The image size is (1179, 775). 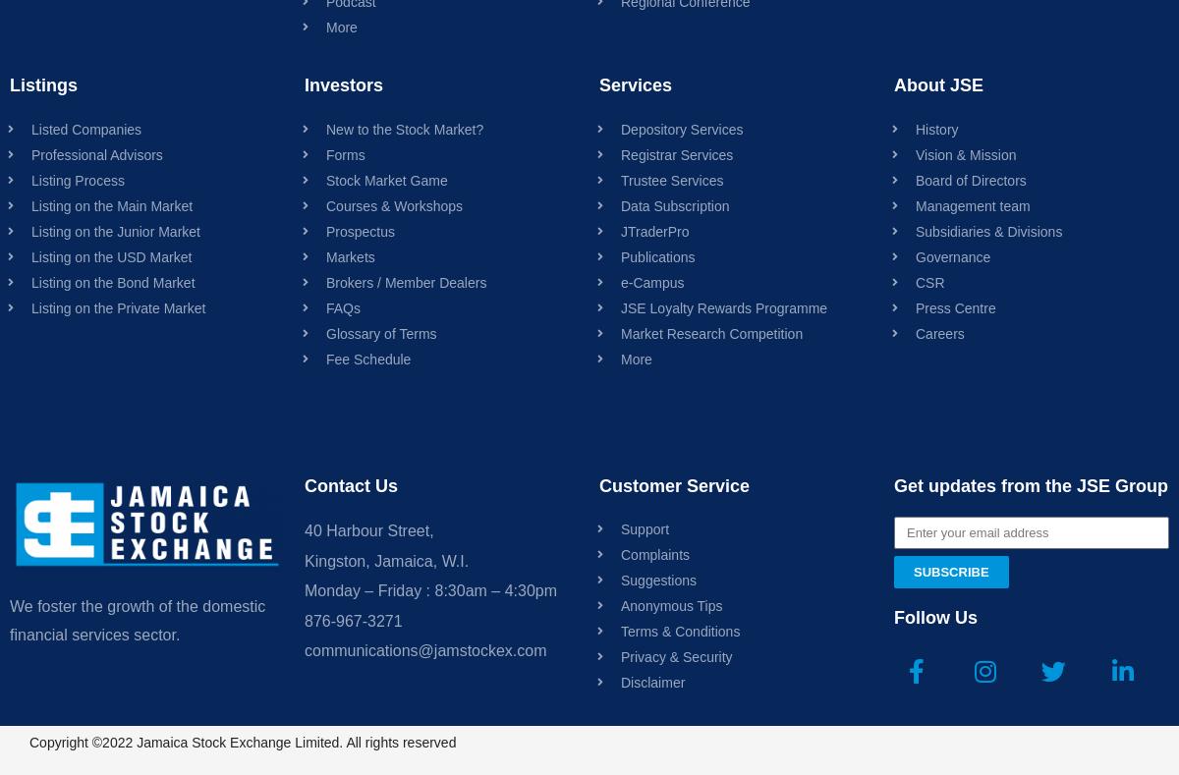 What do you see at coordinates (112, 204) in the screenshot?
I see `'Listing on the Main Market'` at bounding box center [112, 204].